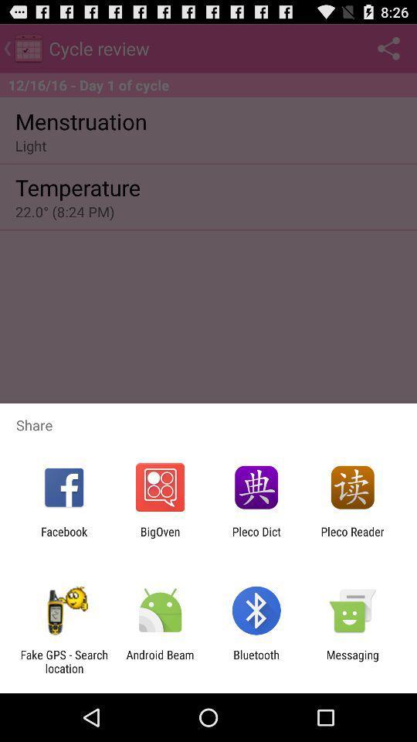 Image resolution: width=417 pixels, height=742 pixels. Describe the element at coordinates (63, 538) in the screenshot. I see `item next to bigoven` at that location.